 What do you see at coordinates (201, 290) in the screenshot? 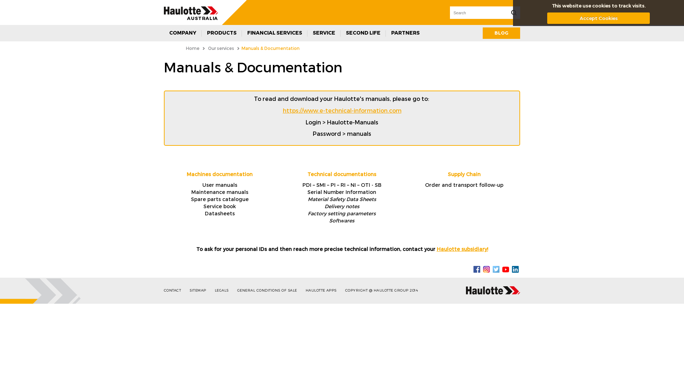
I see `'SITEMAP'` at bounding box center [201, 290].